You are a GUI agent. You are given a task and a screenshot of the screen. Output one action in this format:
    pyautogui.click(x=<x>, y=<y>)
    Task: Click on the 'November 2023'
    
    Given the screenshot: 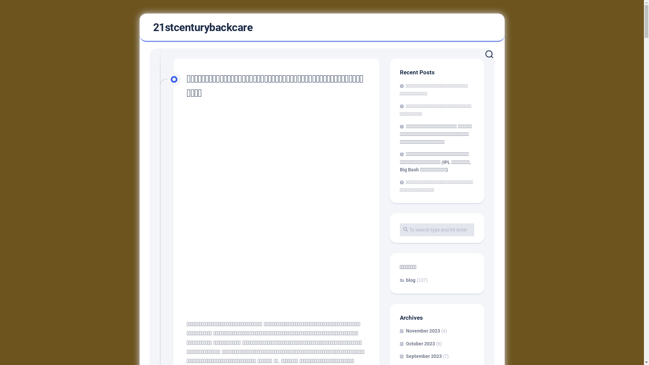 What is the action you would take?
    pyautogui.click(x=419, y=331)
    